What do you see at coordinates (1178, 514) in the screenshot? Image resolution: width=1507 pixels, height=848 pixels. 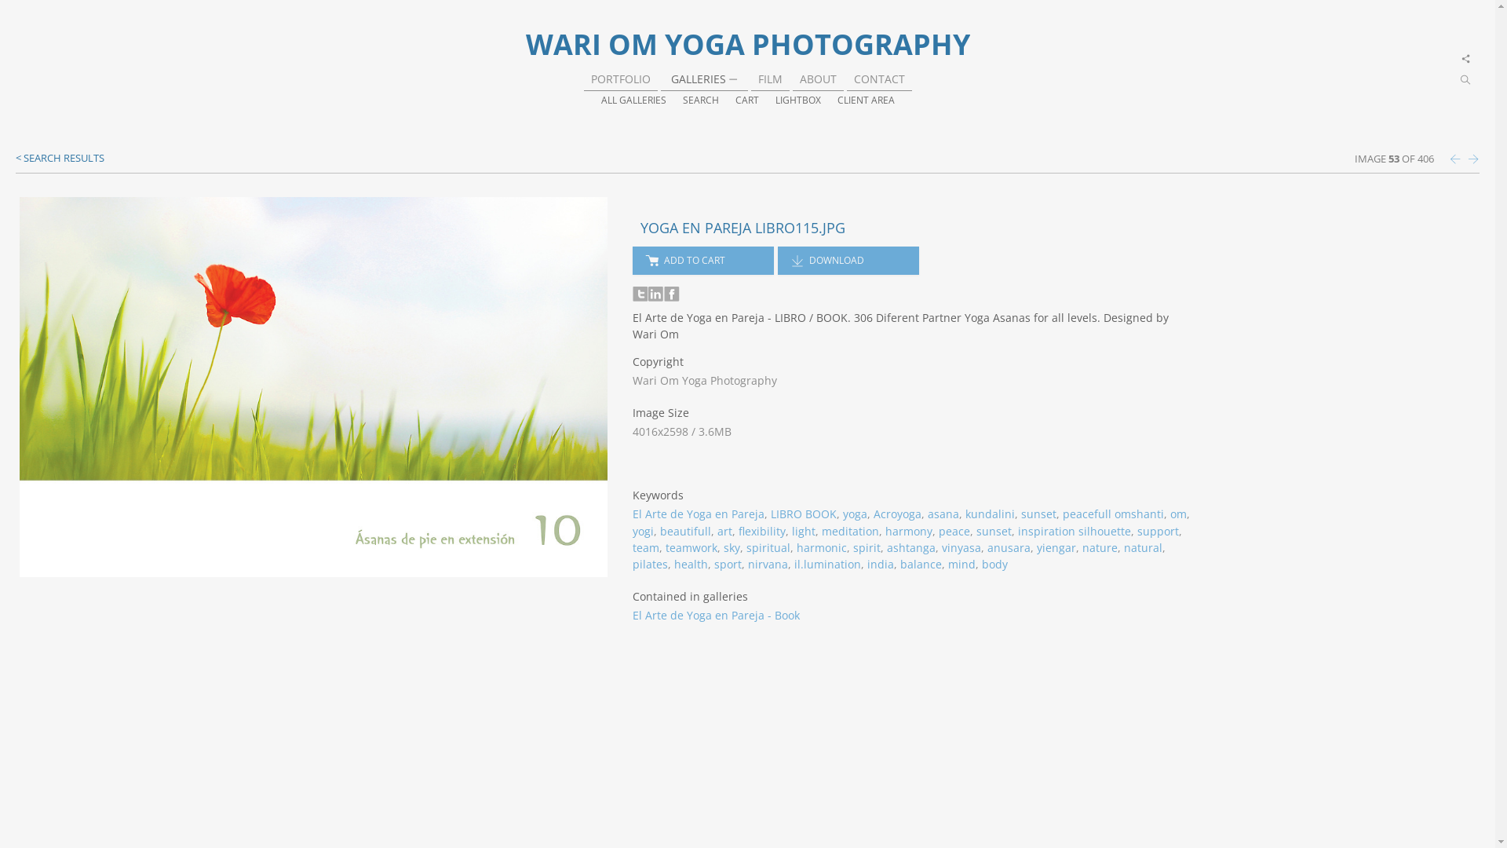 I see `'om'` at bounding box center [1178, 514].